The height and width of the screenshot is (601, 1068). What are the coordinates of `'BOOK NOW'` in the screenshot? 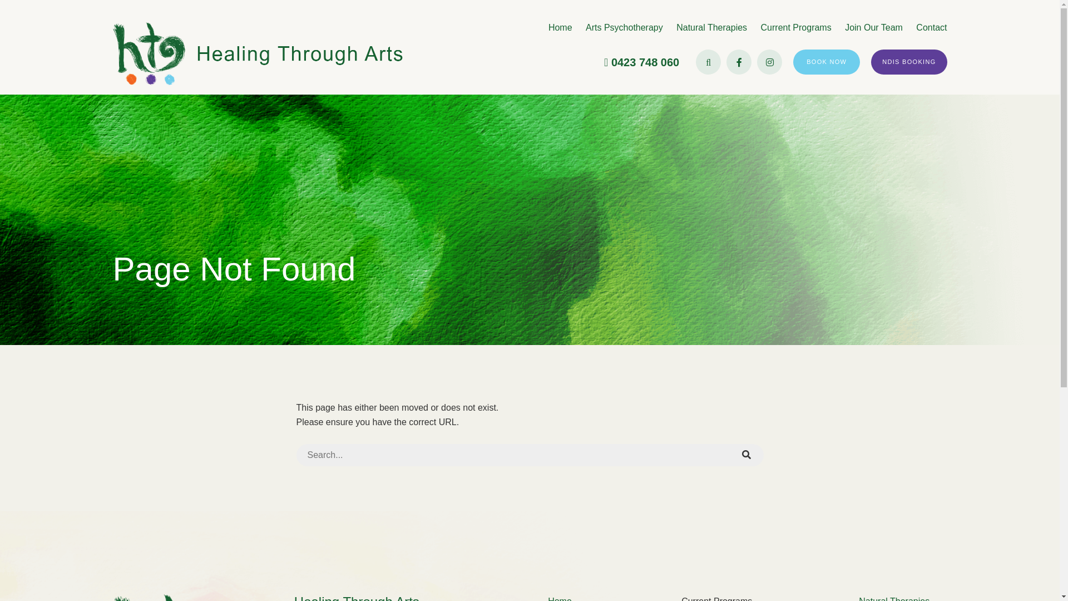 It's located at (792, 62).